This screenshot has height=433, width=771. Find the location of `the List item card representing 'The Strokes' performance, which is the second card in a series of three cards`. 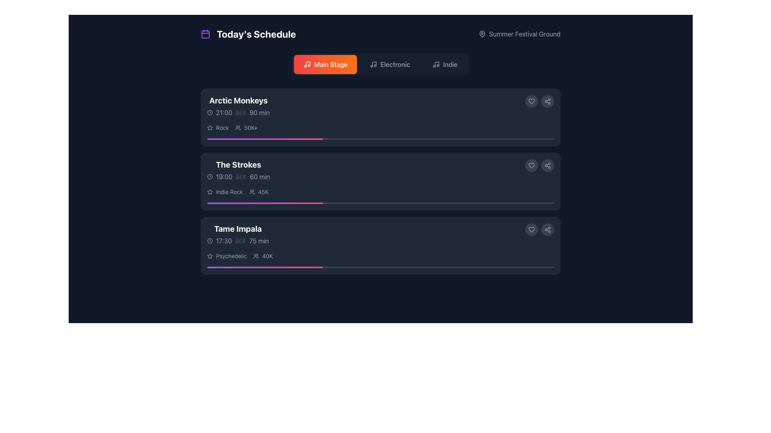

the List item card representing 'The Strokes' performance, which is the second card in a series of three cards is located at coordinates (380, 181).